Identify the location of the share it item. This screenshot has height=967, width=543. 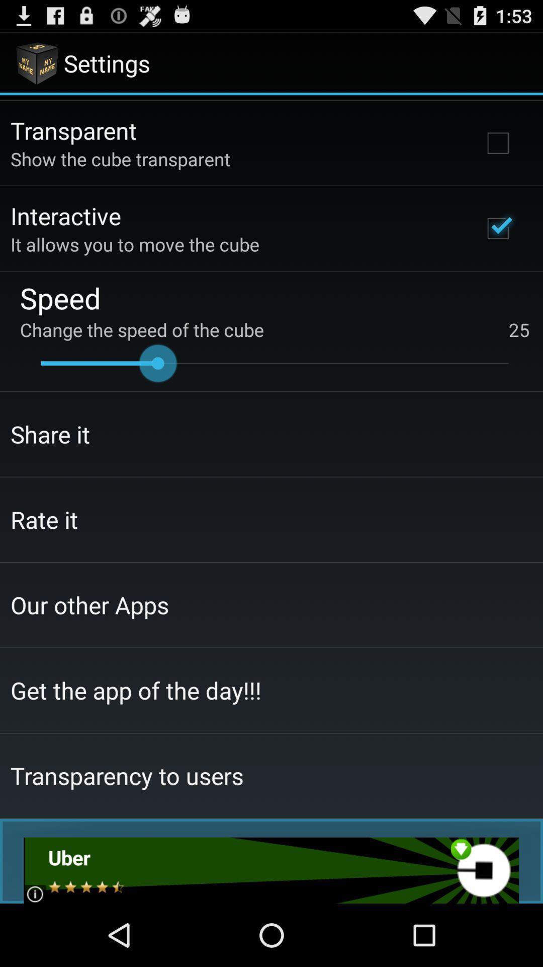
(50, 434).